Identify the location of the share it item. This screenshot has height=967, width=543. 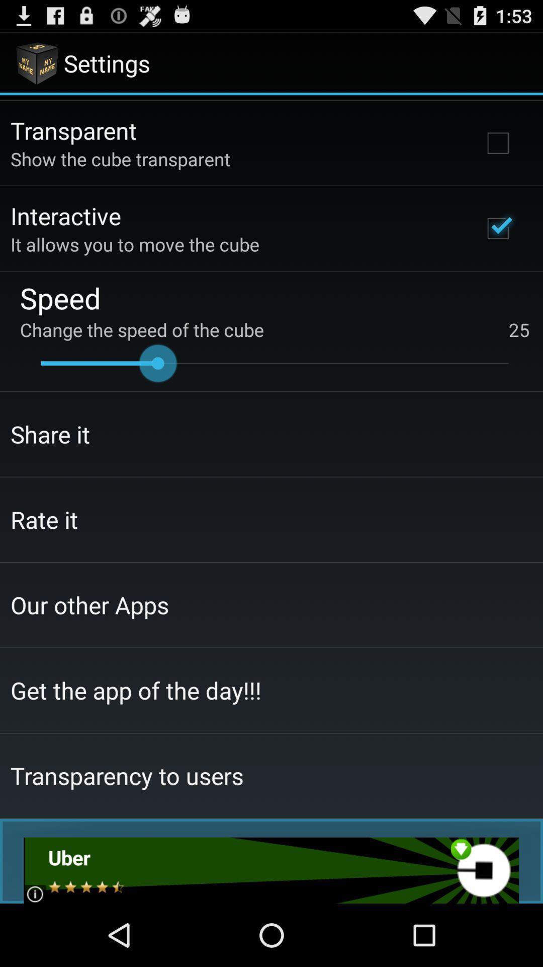
(50, 434).